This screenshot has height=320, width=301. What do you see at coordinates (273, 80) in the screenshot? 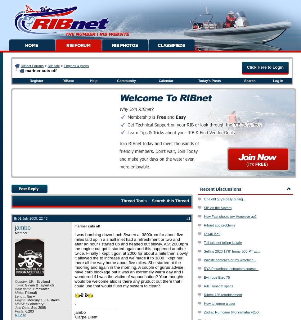
I see `'Log in'` at bounding box center [273, 80].